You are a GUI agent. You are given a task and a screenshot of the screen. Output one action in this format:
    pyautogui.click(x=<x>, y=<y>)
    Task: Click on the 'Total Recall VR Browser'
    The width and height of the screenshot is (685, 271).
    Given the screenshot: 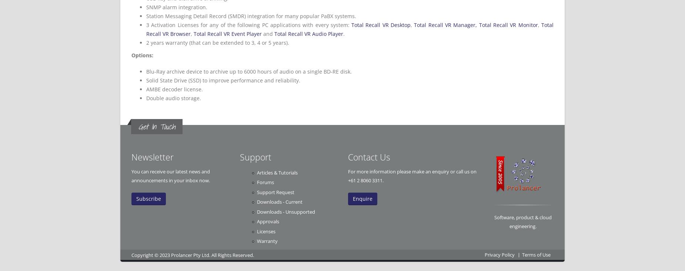 What is the action you would take?
    pyautogui.click(x=349, y=29)
    